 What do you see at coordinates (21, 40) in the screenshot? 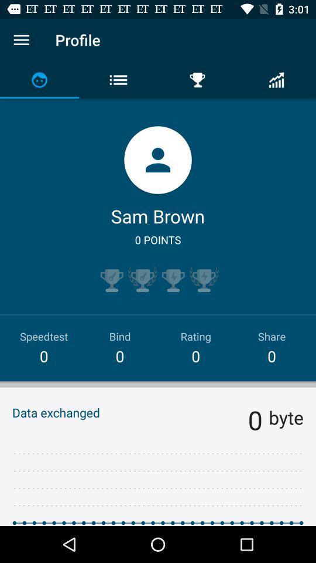
I see `the icon next to profile item` at bounding box center [21, 40].